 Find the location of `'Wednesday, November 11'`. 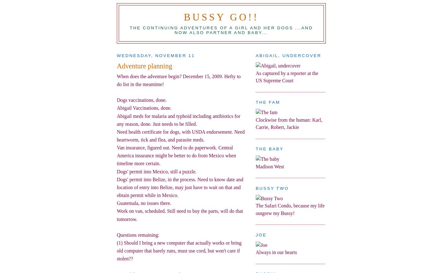

'Wednesday, November 11' is located at coordinates (156, 55).